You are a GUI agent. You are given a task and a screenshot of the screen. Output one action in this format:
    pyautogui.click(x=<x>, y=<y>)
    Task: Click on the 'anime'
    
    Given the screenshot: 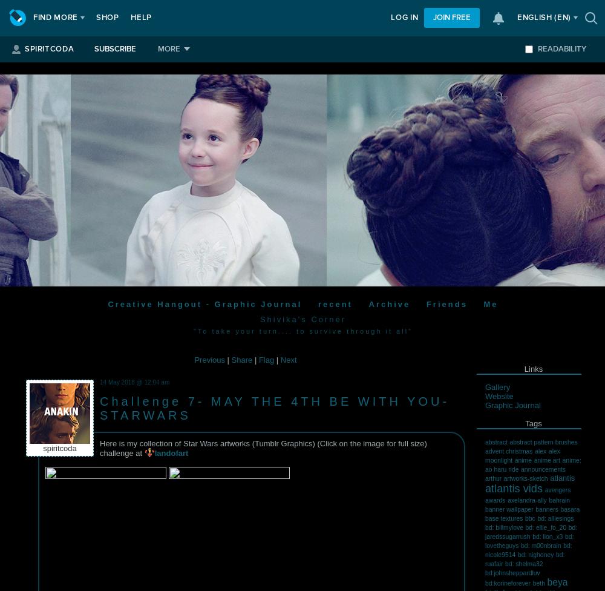 What is the action you would take?
    pyautogui.click(x=522, y=460)
    